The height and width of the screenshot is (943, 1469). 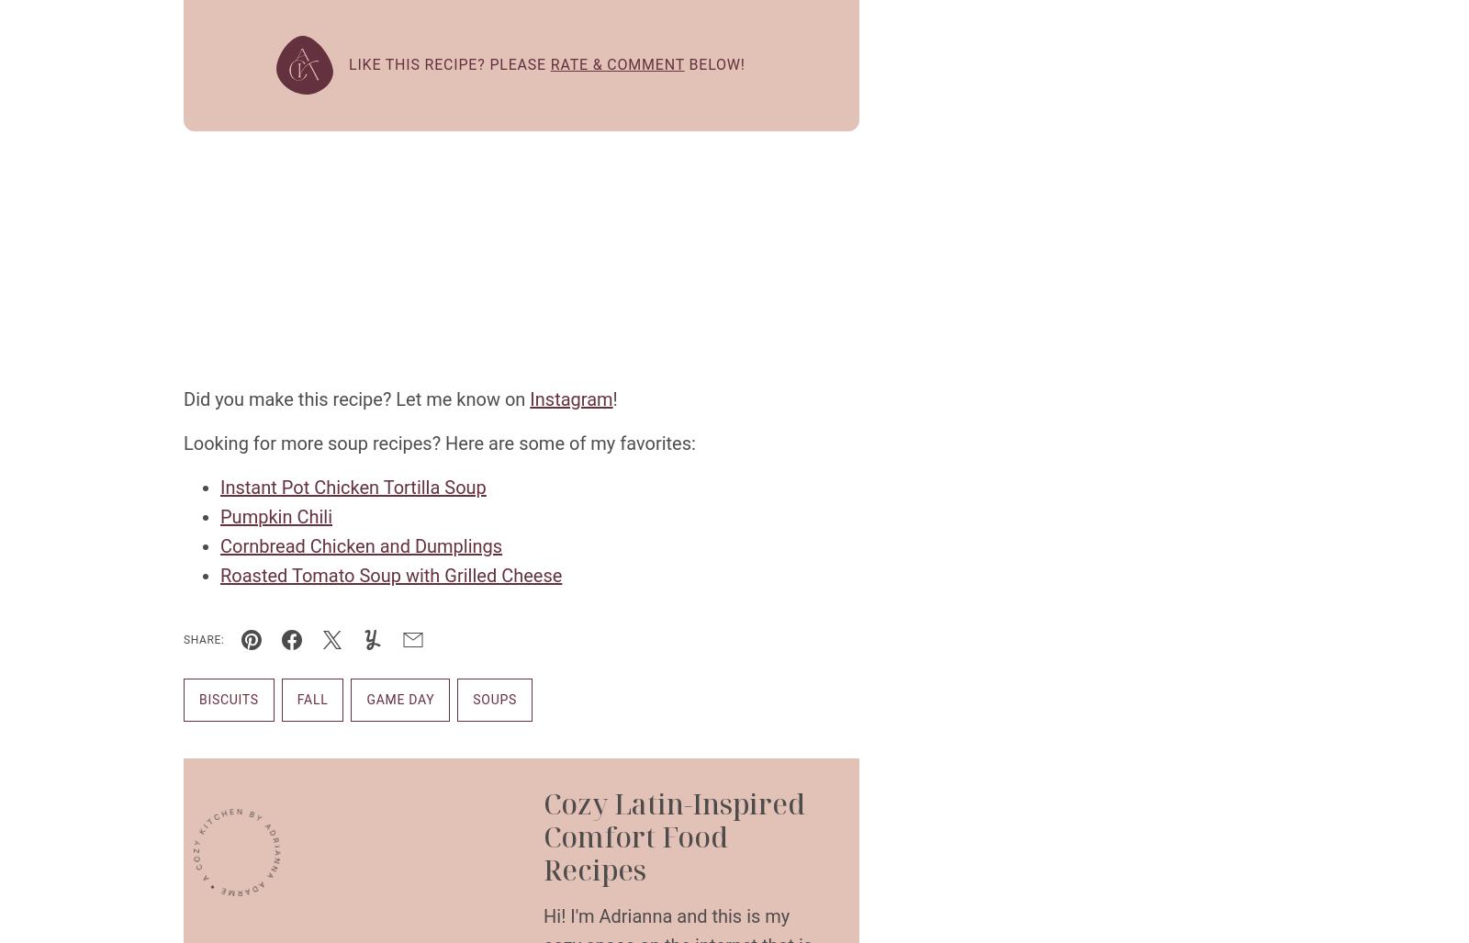 I want to click on 'Fall', so click(x=312, y=698).